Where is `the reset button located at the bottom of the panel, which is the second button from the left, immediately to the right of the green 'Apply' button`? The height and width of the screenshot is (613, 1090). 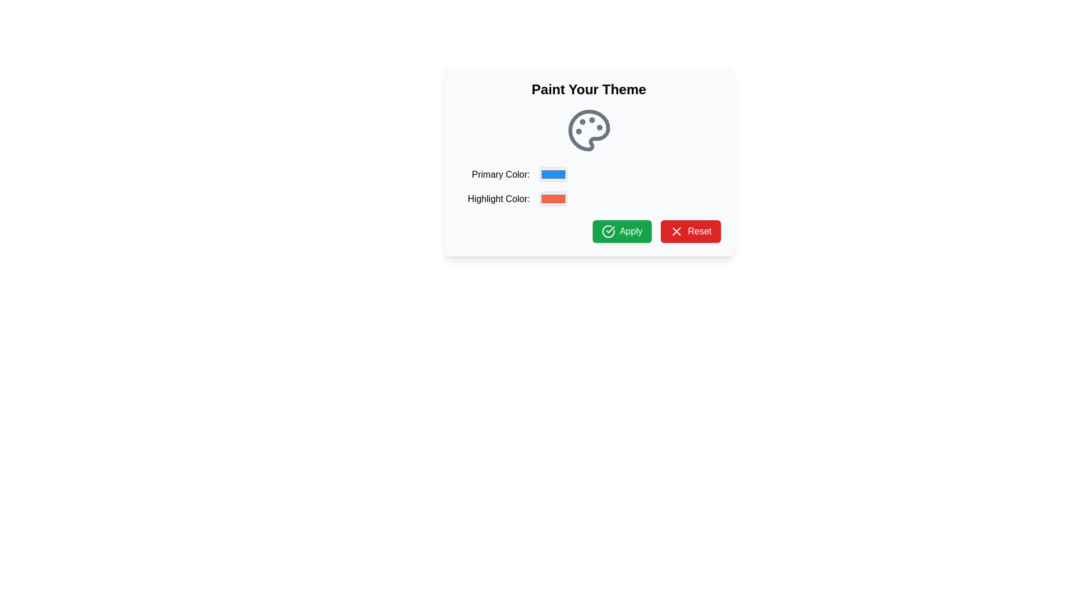 the reset button located at the bottom of the panel, which is the second button from the left, immediately to the right of the green 'Apply' button is located at coordinates (690, 231).